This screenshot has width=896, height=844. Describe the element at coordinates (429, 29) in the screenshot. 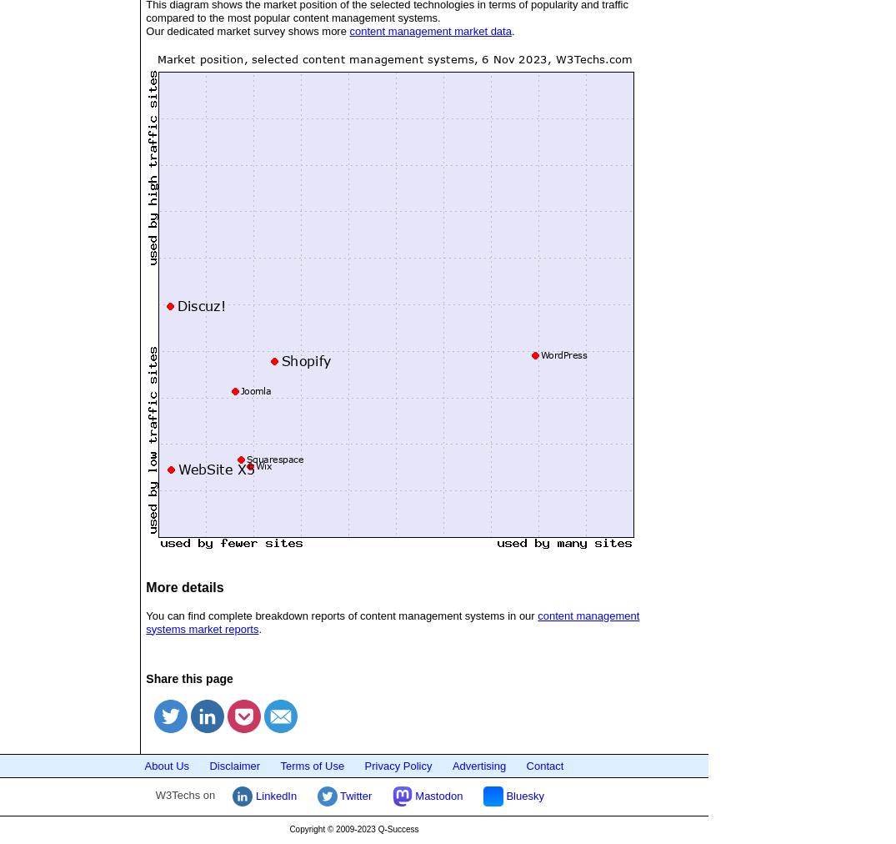

I see `'content management market data'` at that location.